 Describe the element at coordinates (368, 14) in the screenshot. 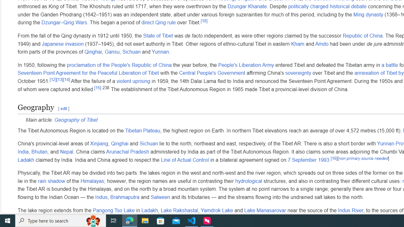

I see `'Ming dynasty'` at that location.